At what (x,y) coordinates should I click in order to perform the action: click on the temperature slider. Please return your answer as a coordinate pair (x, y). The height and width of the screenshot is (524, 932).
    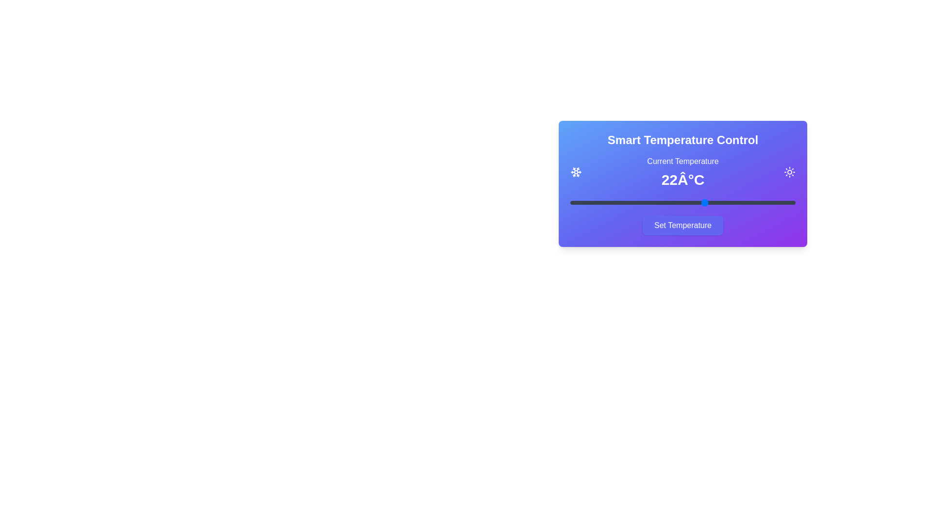
    Looking at the image, I should click on (772, 202).